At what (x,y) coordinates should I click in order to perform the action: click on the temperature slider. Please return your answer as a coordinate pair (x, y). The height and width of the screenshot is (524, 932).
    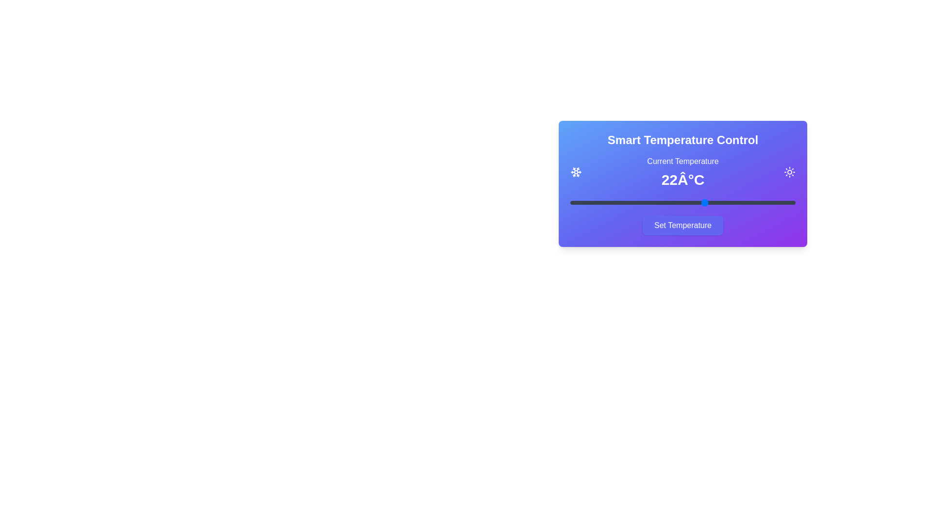
    Looking at the image, I should click on (772, 202).